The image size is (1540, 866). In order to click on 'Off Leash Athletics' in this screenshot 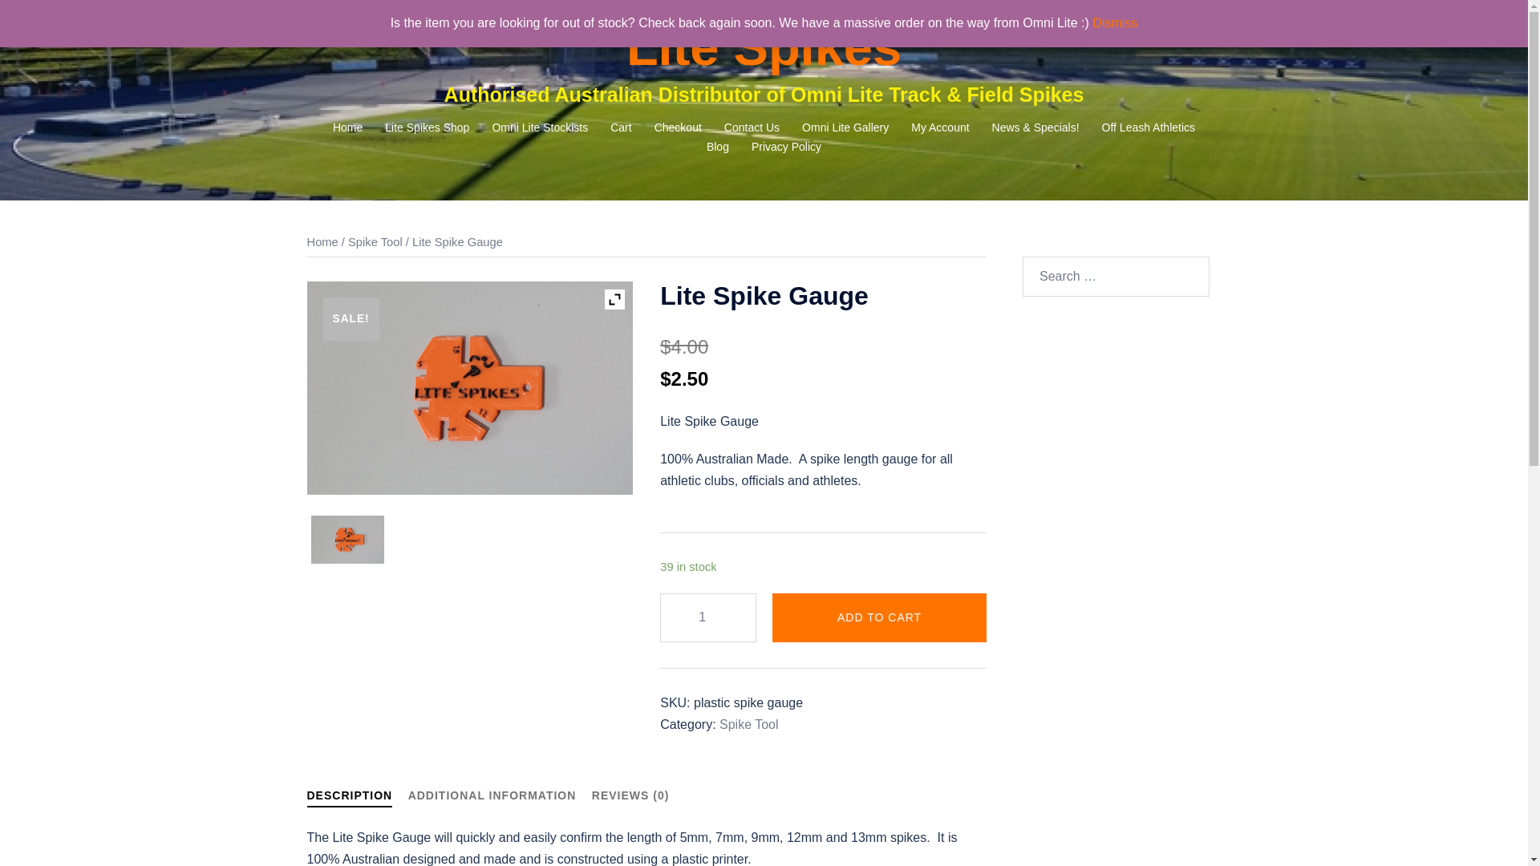, I will do `click(1100, 127)`.